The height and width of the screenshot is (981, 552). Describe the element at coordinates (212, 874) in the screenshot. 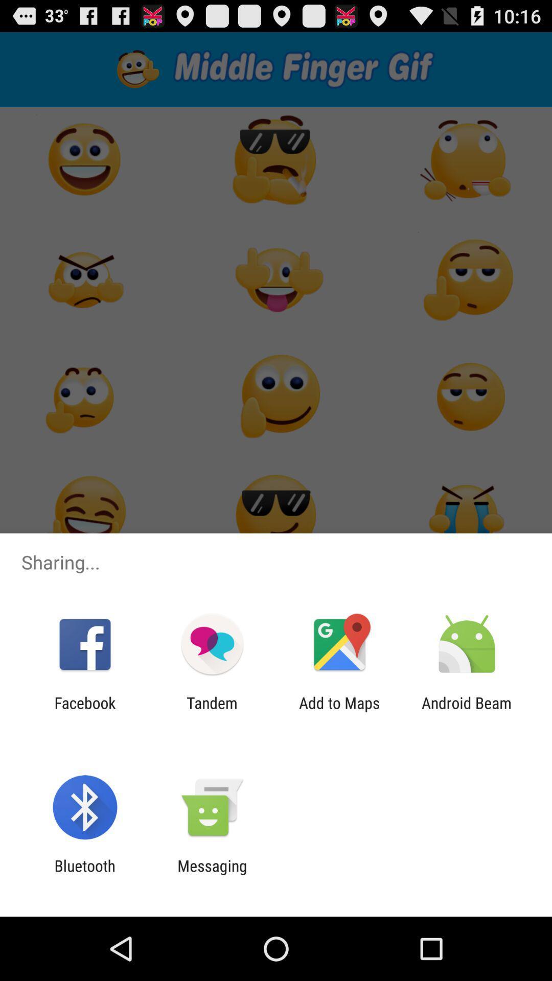

I see `the app next to the bluetooth item` at that location.